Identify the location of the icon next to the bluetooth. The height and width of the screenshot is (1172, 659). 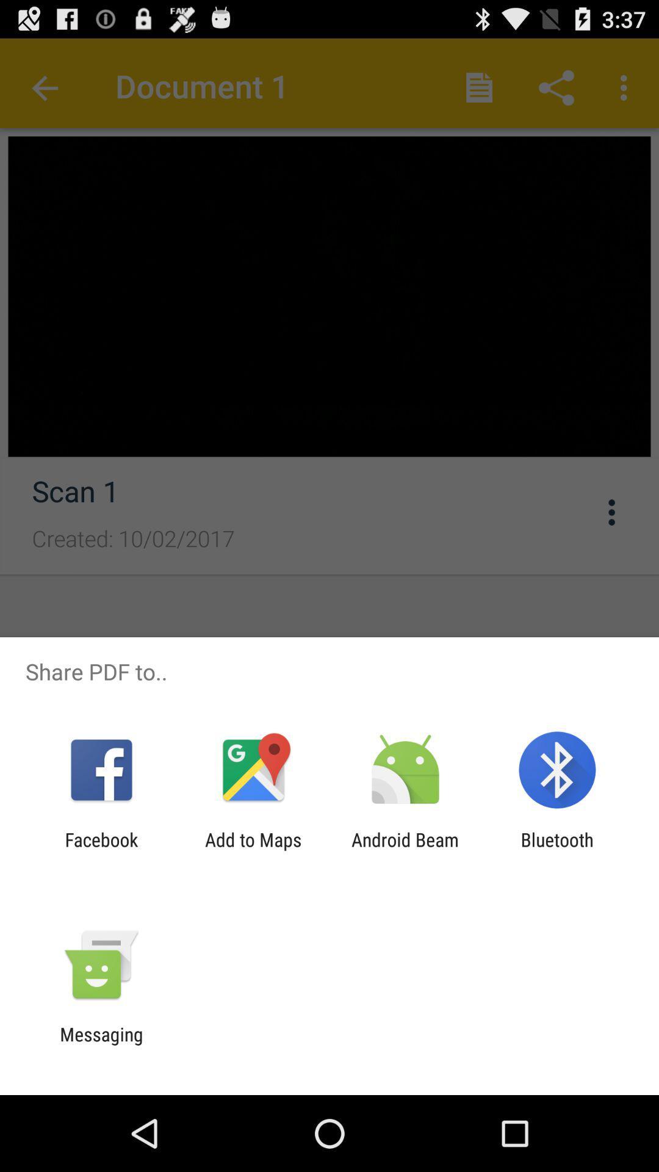
(405, 850).